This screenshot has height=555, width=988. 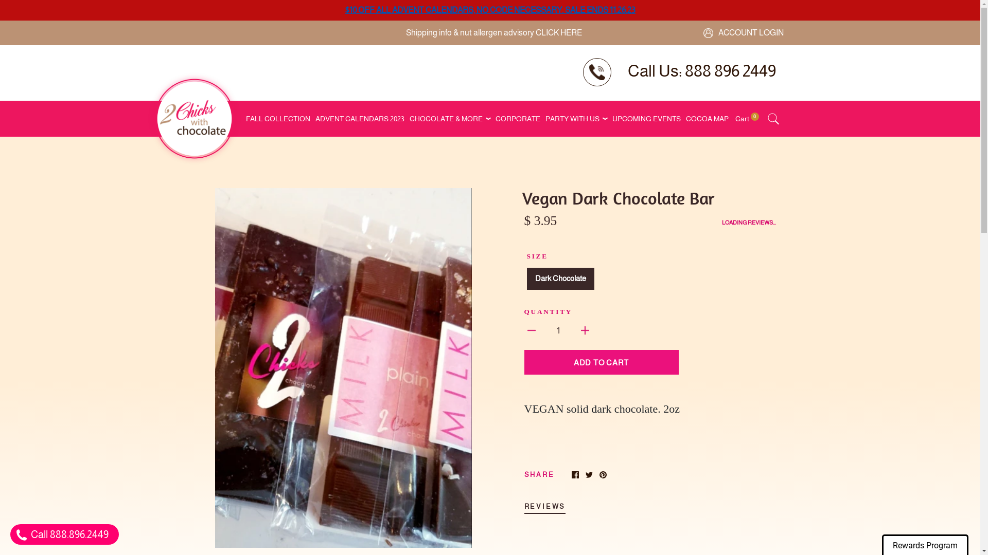 I want to click on 'PARTY WITH US', so click(x=542, y=118).